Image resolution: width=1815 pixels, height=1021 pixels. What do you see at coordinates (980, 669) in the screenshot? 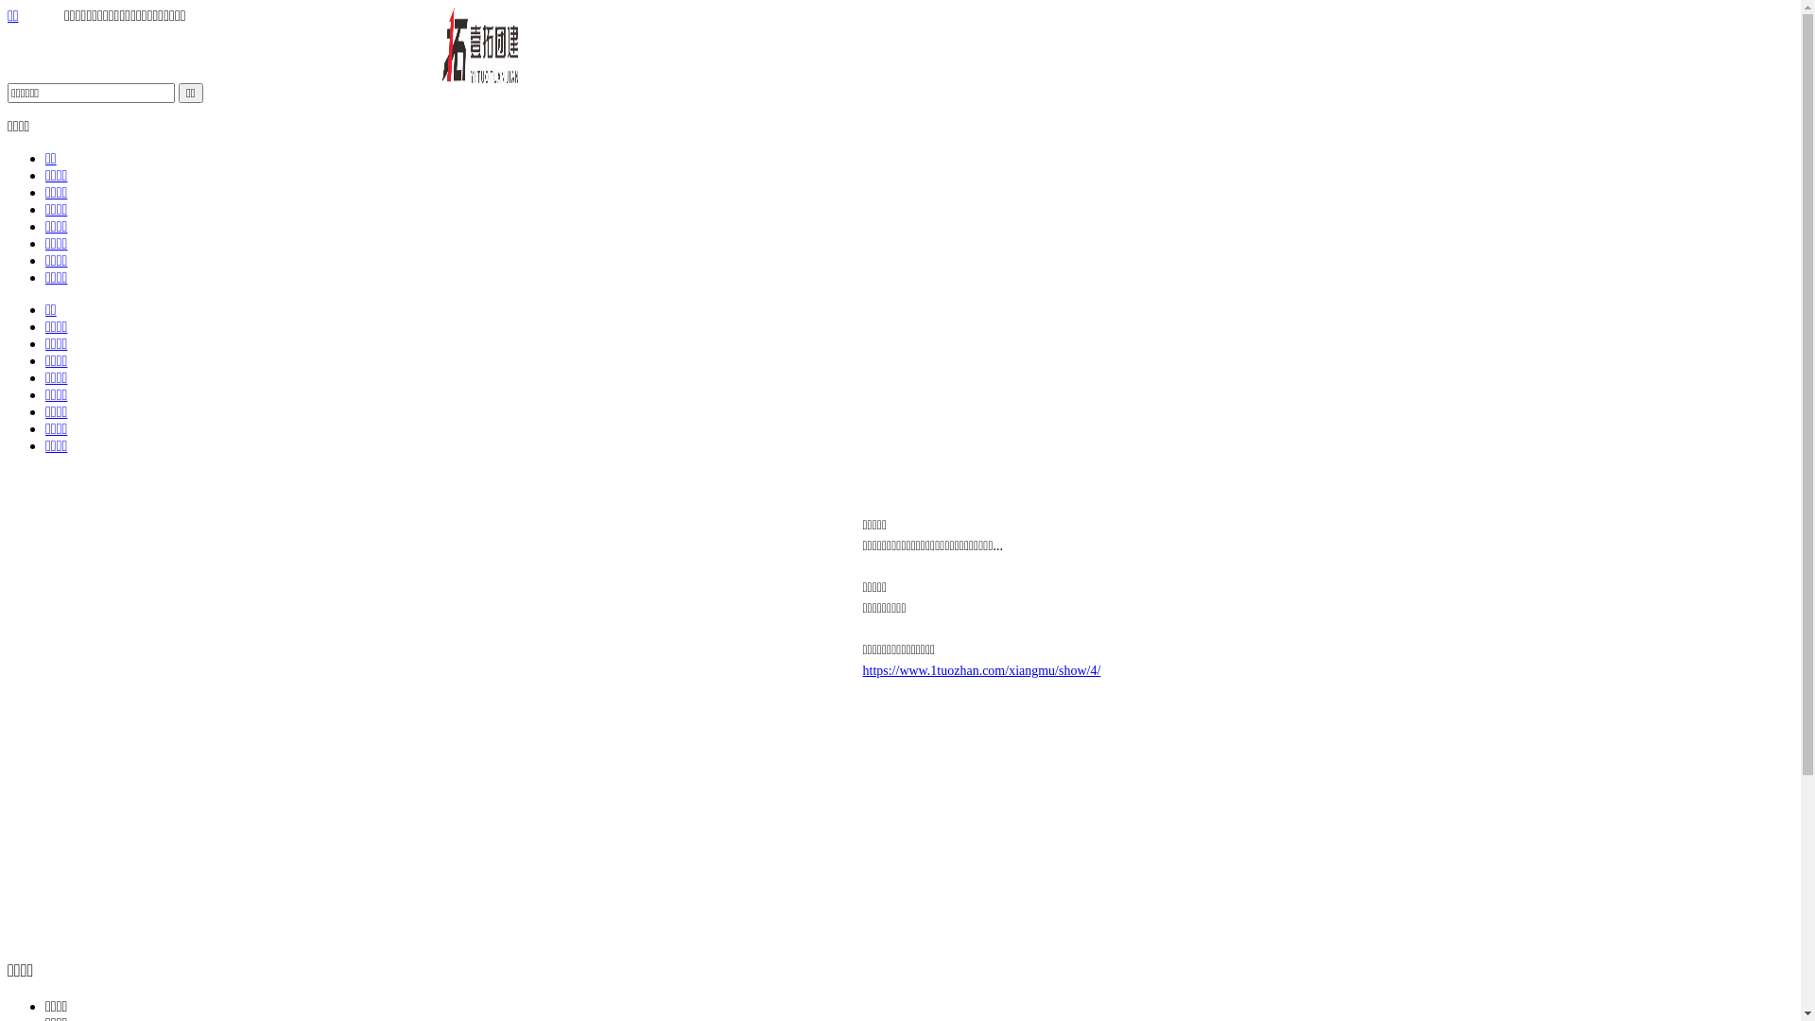
I see `'https://www.1tuozhan.com/xiangmu/show/4/'` at bounding box center [980, 669].